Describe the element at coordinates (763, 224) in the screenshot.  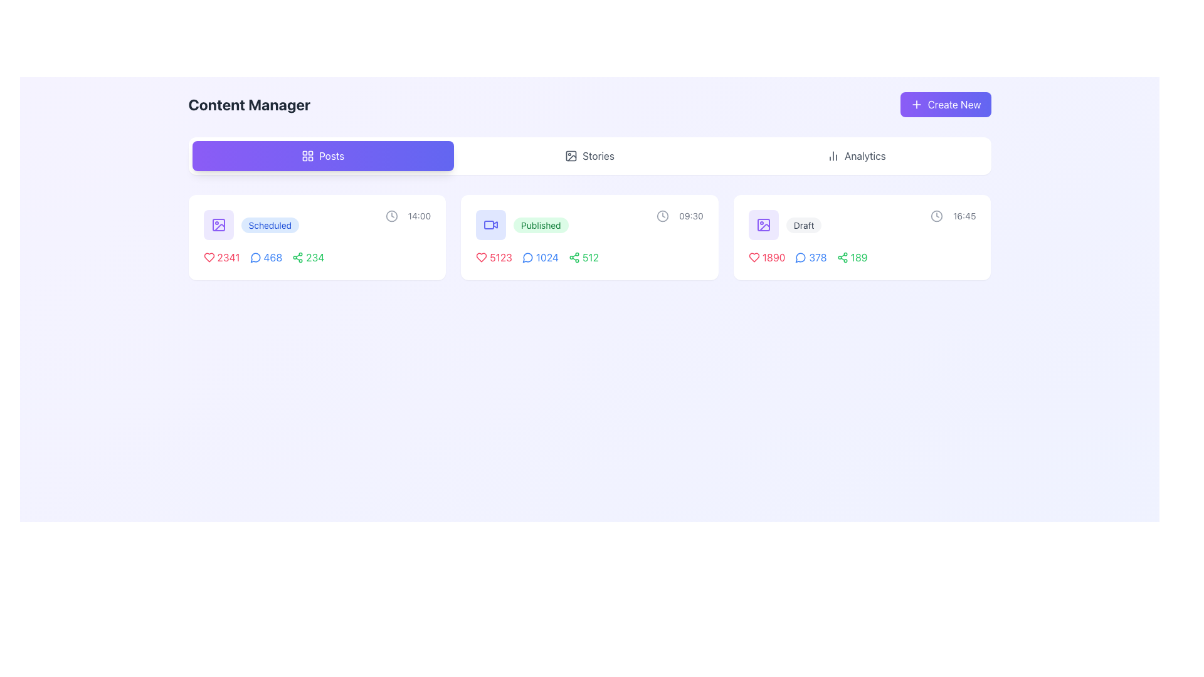
I see `the small icon with a purple outline and an image symbol, located in the top-left corner of the rightmost card, above the 'Draft' label and to the left of the '16:45' timestamp` at that location.